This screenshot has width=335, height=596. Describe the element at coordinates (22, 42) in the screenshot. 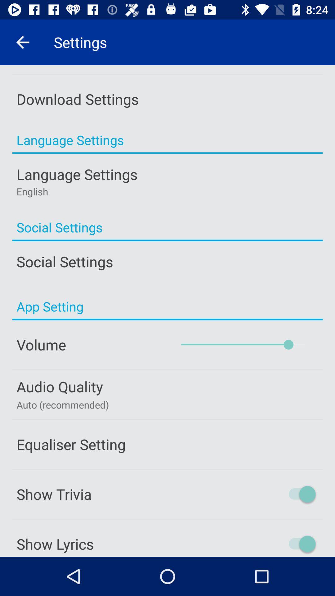

I see `icon next to settings item` at that location.